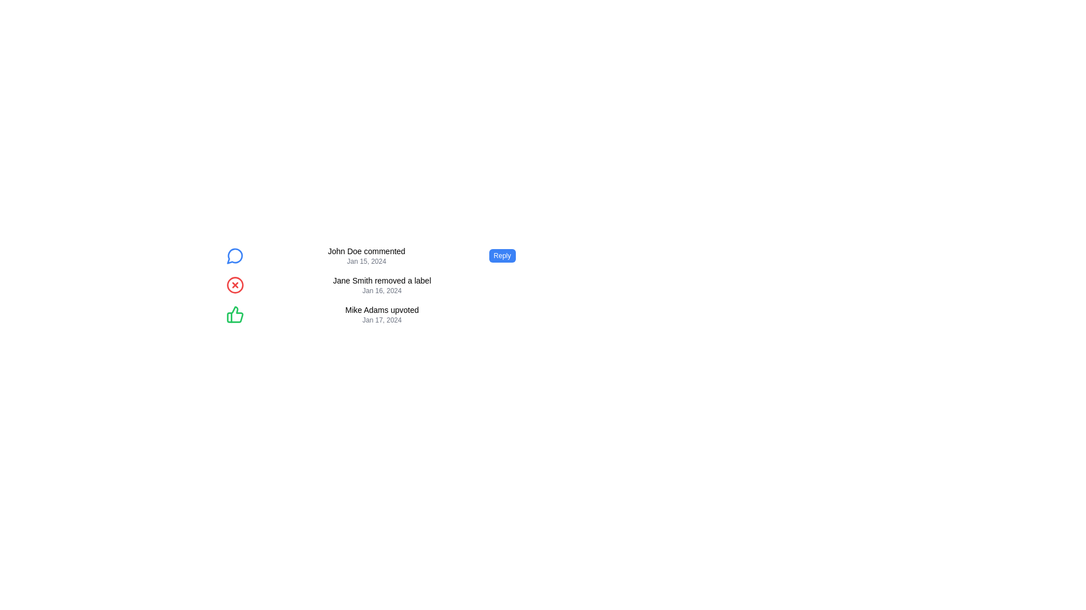 The height and width of the screenshot is (610, 1086). What do you see at coordinates (370, 285) in the screenshot?
I see `the informational Text component indicating the removal of a label by 'Jane Smith', positioned between 'John Doe commented Jan 15, 2024' and 'Mike Adams upvoted Jan 17, 2024'` at bounding box center [370, 285].